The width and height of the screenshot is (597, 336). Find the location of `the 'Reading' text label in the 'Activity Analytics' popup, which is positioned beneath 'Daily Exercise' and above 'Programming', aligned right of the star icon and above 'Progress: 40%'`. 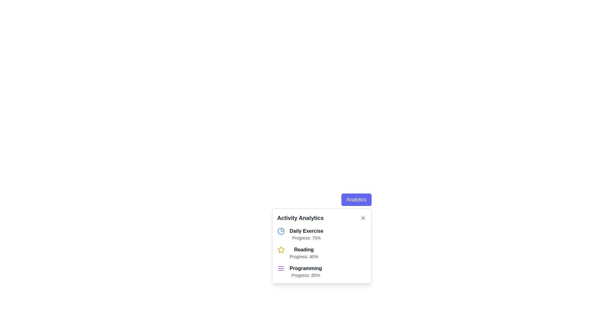

the 'Reading' text label in the 'Activity Analytics' popup, which is positioned beneath 'Daily Exercise' and above 'Programming', aligned right of the star icon and above 'Progress: 40%' is located at coordinates (304, 249).